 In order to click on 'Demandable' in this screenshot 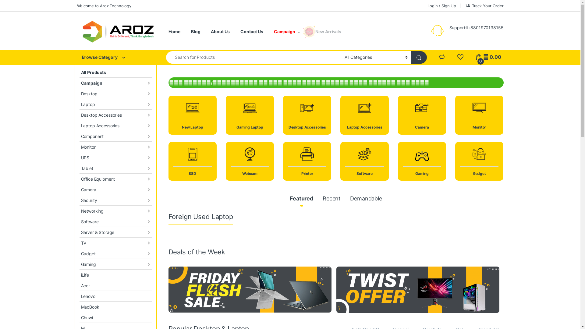, I will do `click(366, 199)`.